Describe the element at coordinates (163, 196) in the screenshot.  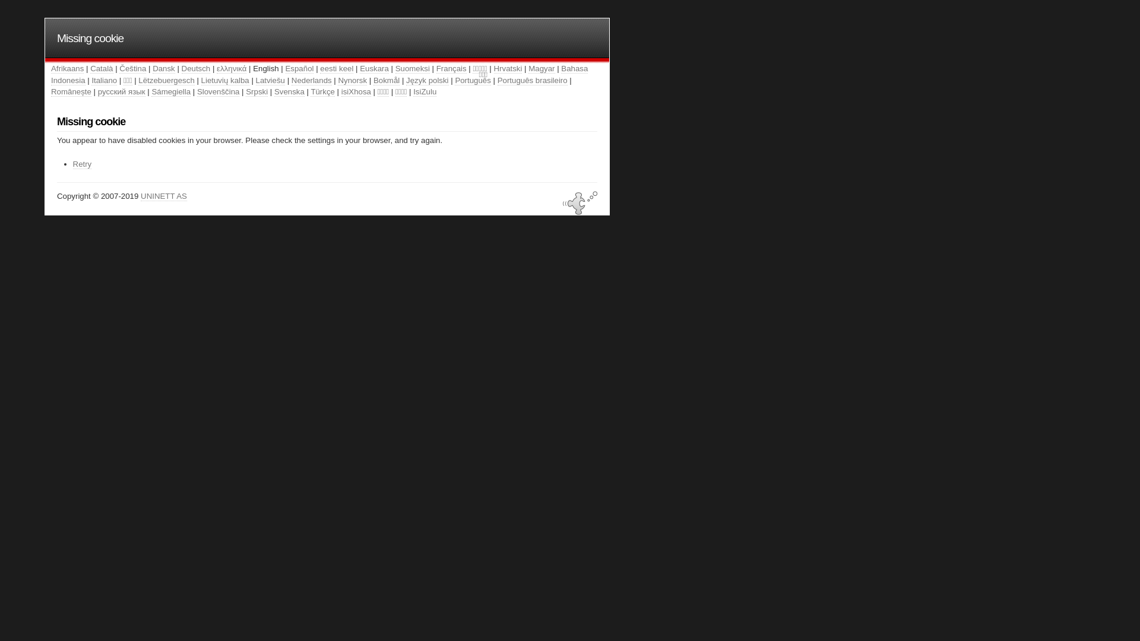
I see `'UNINETT AS'` at that location.